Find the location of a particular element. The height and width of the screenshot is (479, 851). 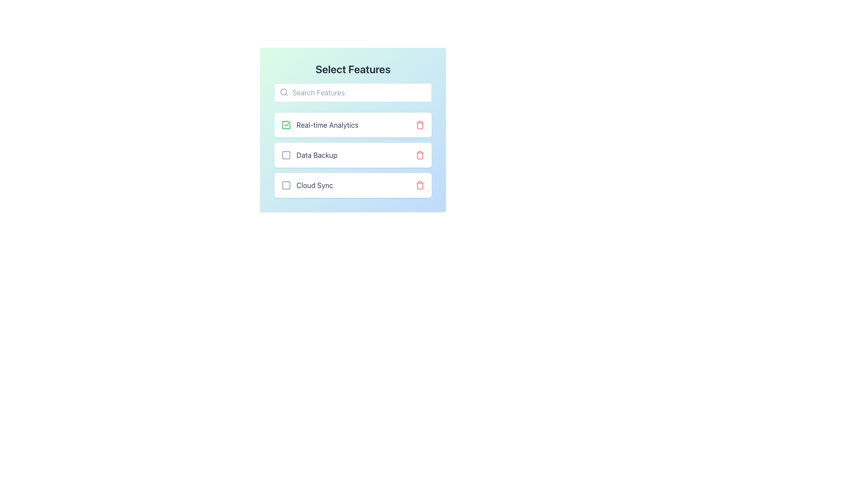

the trash bin icon, styled in red, located adjacent to the 'Real-time Analytics' text is located at coordinates (420, 125).